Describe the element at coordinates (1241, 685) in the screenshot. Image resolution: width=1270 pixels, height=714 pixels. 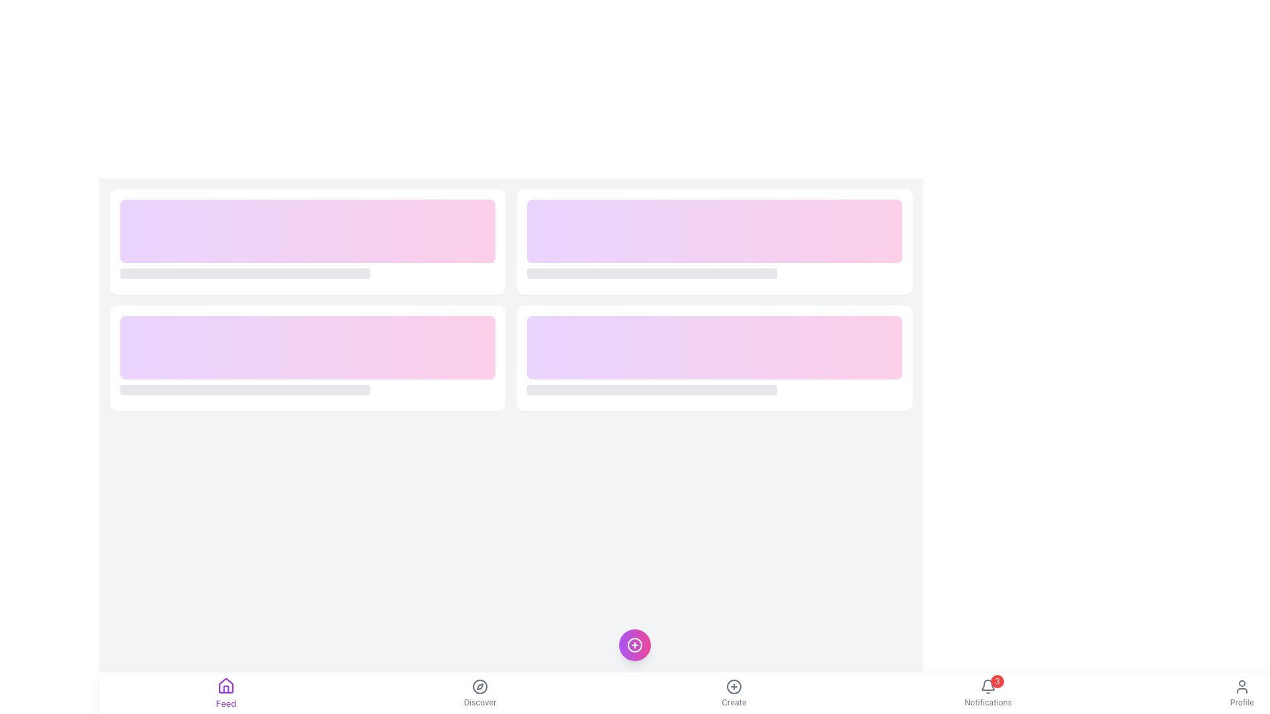
I see `the profile icon button located in the bottom navigation bar on the far right` at that location.